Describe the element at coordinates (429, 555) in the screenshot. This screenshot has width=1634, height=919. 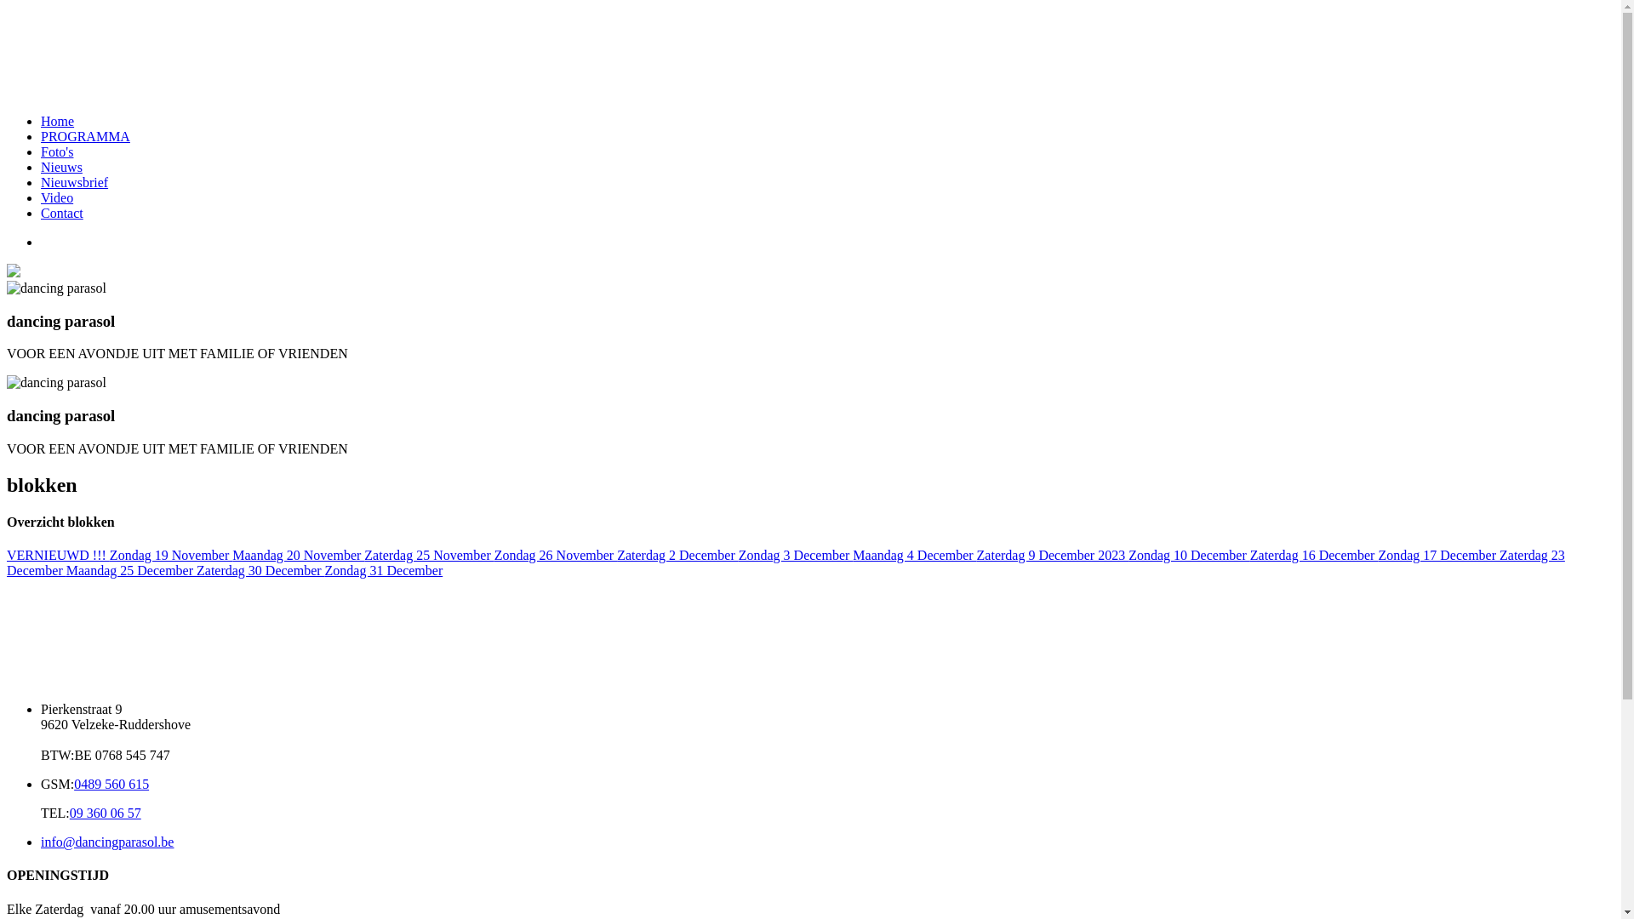
I see `'Zaterdag 25 November'` at that location.